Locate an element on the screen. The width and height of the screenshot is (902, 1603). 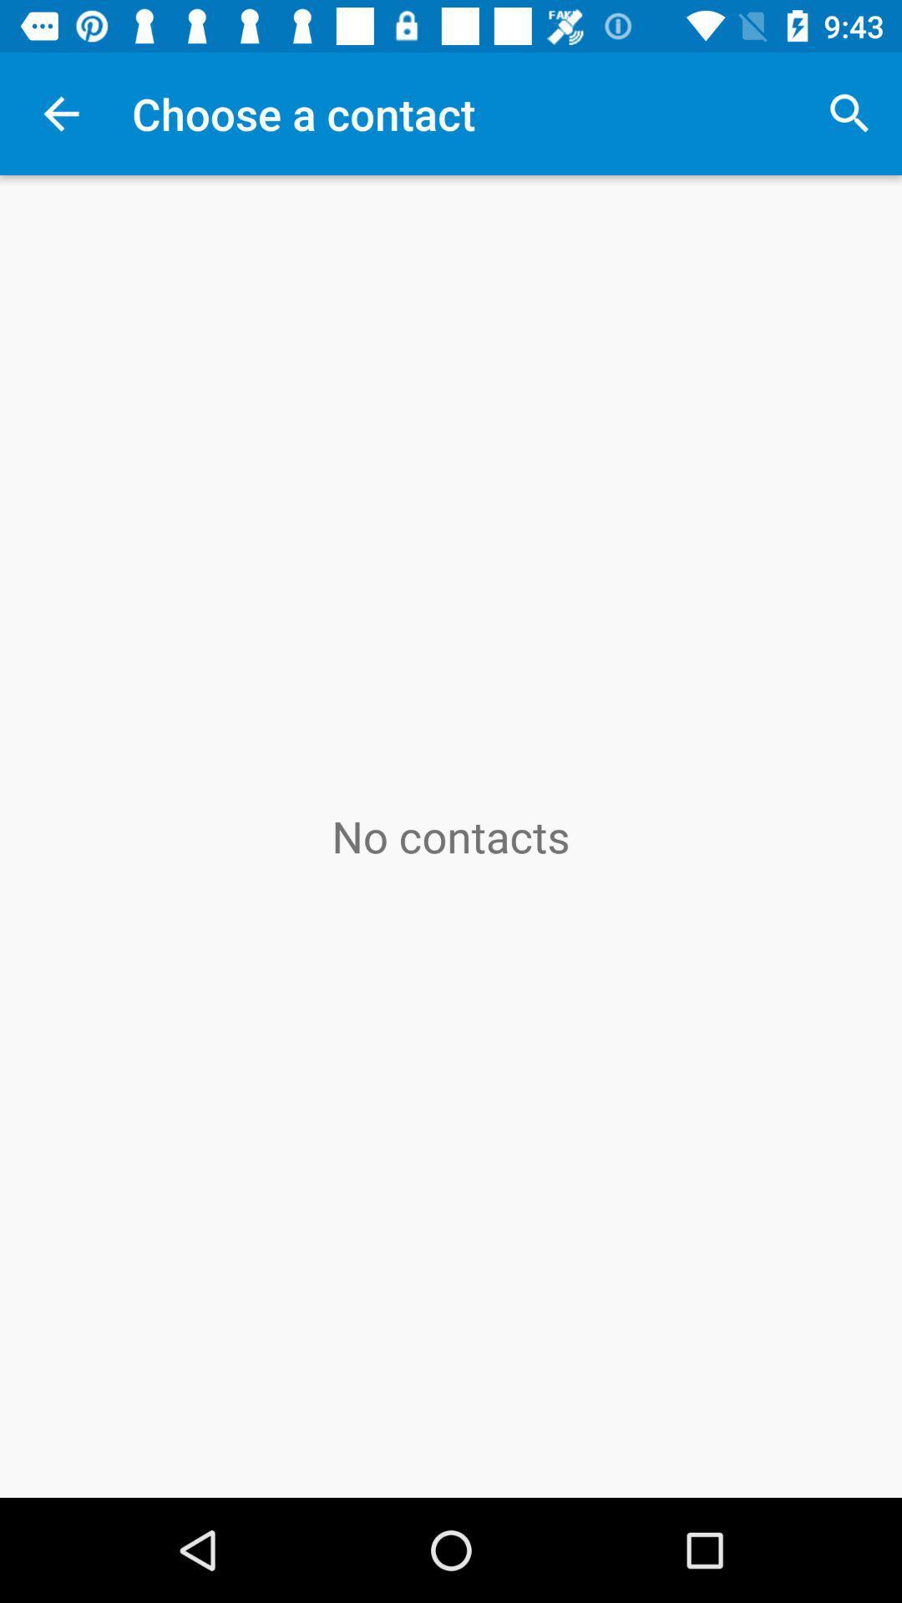
icon to the right of choose a contact app is located at coordinates (849, 113).